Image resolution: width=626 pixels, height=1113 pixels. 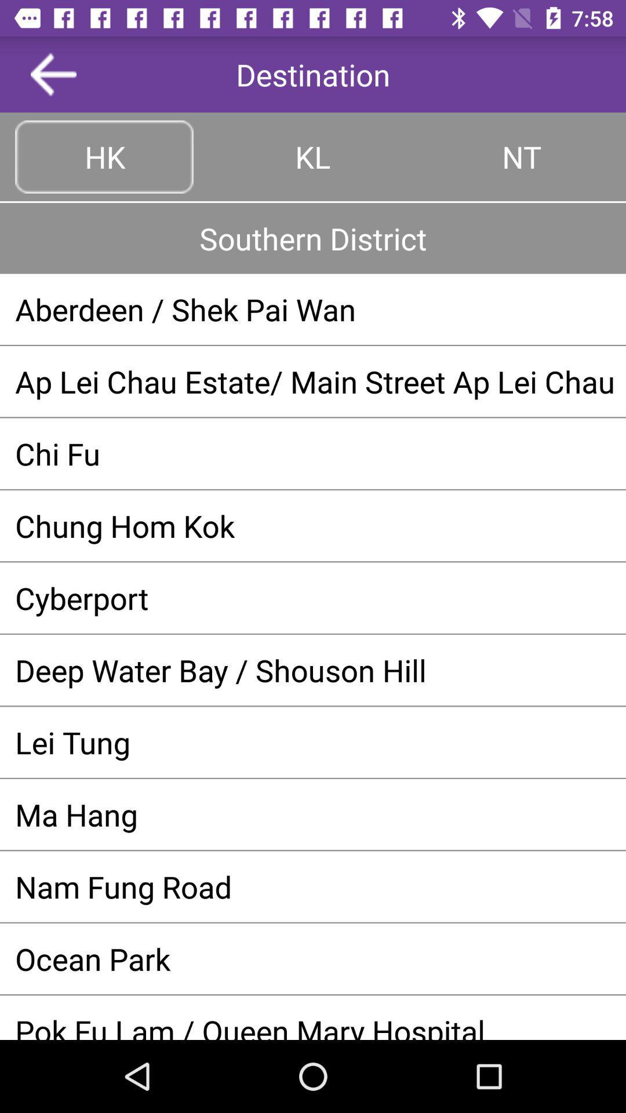 I want to click on the pok fu lam item, so click(x=313, y=1025).